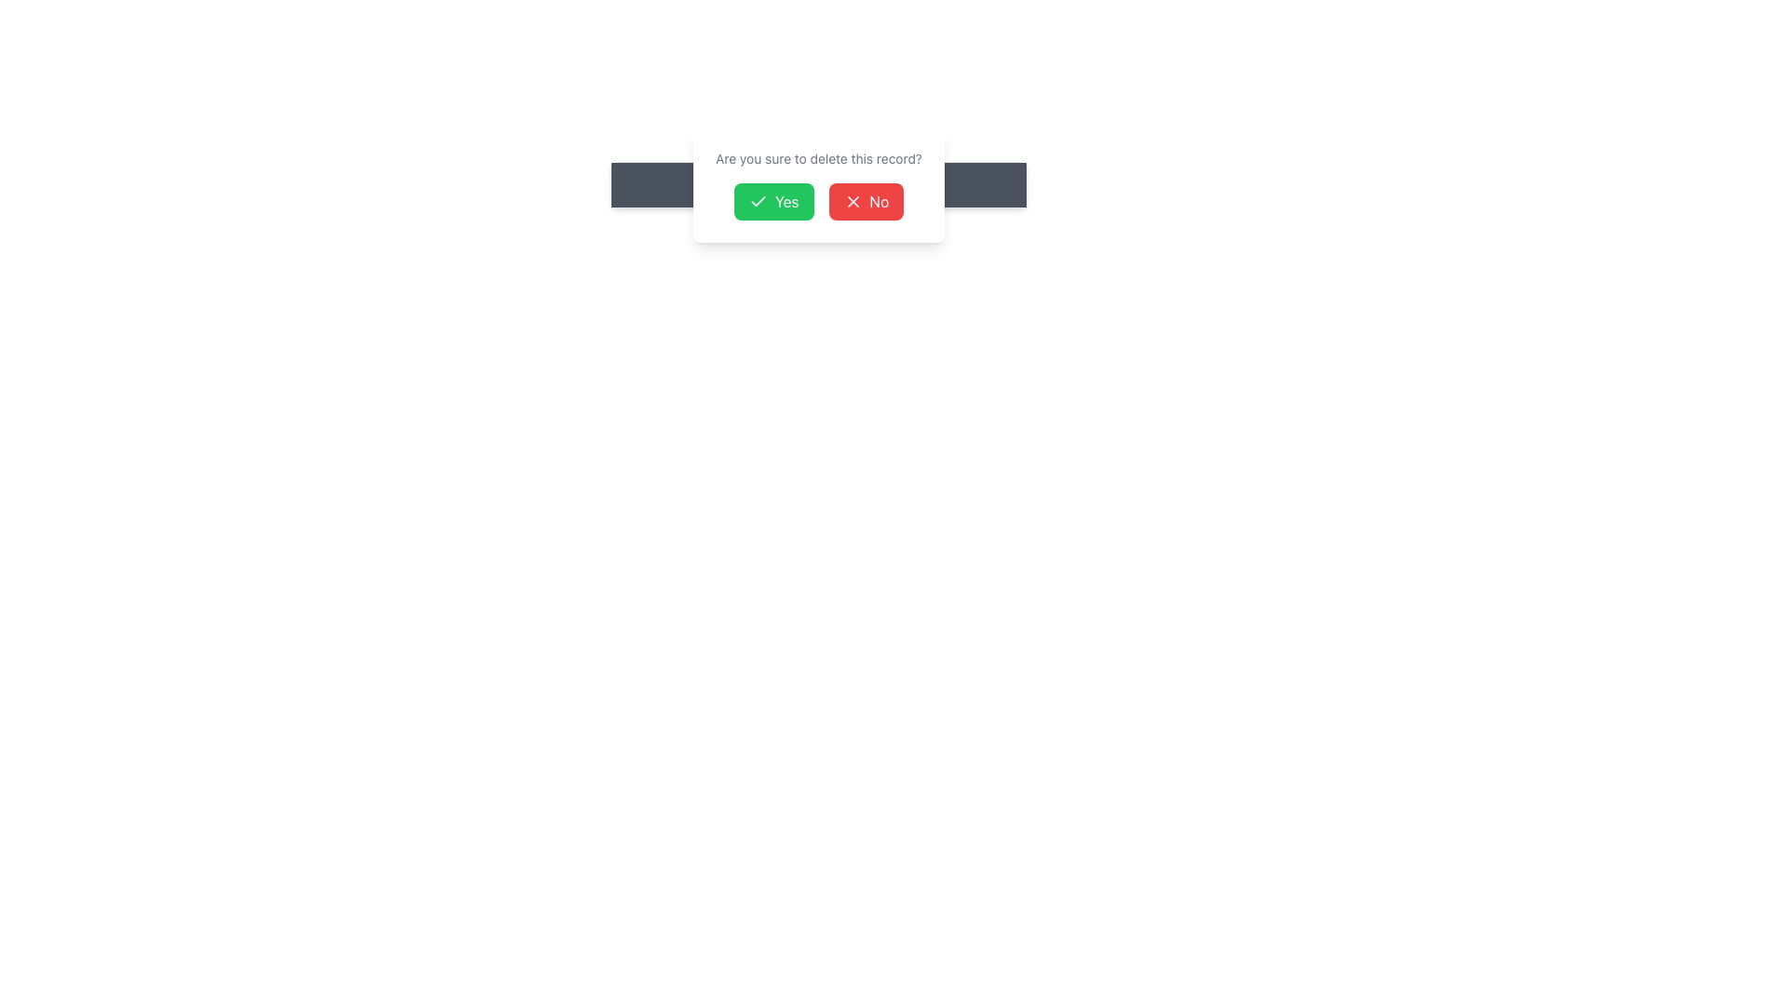 The width and height of the screenshot is (1787, 1005). I want to click on the confirmation button in the modal dialog, so click(773, 201).